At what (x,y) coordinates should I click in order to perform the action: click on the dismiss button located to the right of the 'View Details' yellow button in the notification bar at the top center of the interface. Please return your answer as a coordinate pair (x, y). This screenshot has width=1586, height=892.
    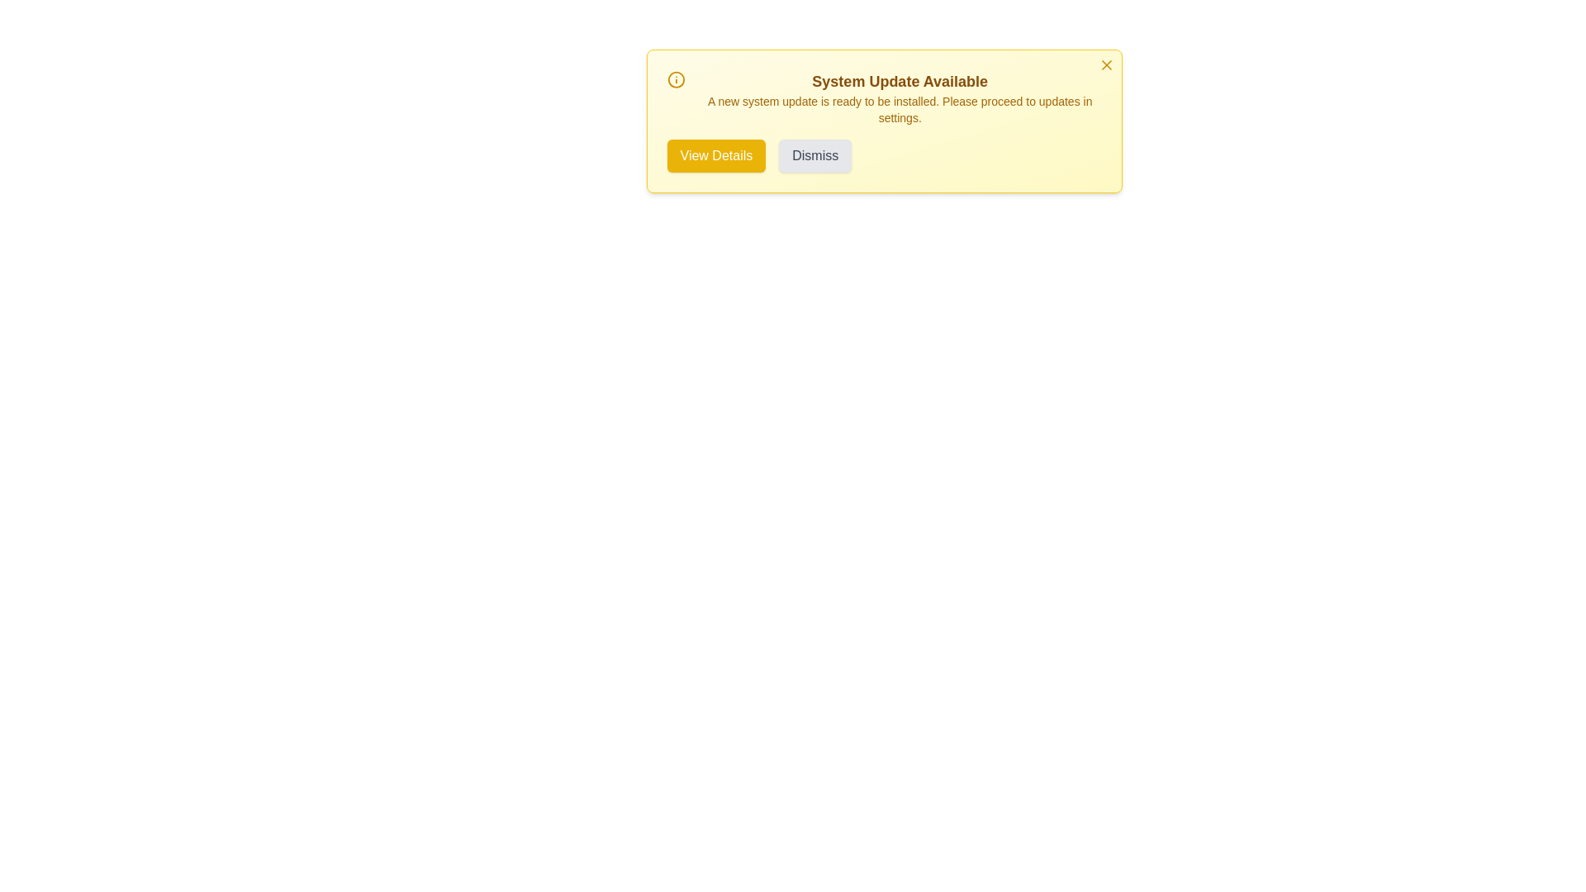
    Looking at the image, I should click on (815, 156).